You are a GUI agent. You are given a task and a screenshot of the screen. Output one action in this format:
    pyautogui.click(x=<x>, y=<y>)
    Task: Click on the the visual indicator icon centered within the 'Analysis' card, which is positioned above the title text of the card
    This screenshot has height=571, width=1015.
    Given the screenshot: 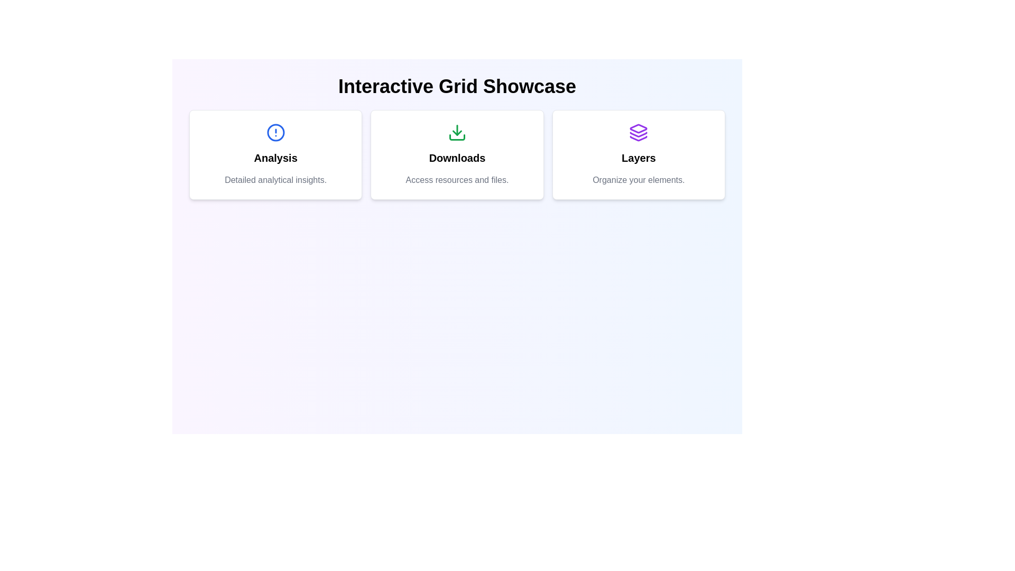 What is the action you would take?
    pyautogui.click(x=275, y=132)
    